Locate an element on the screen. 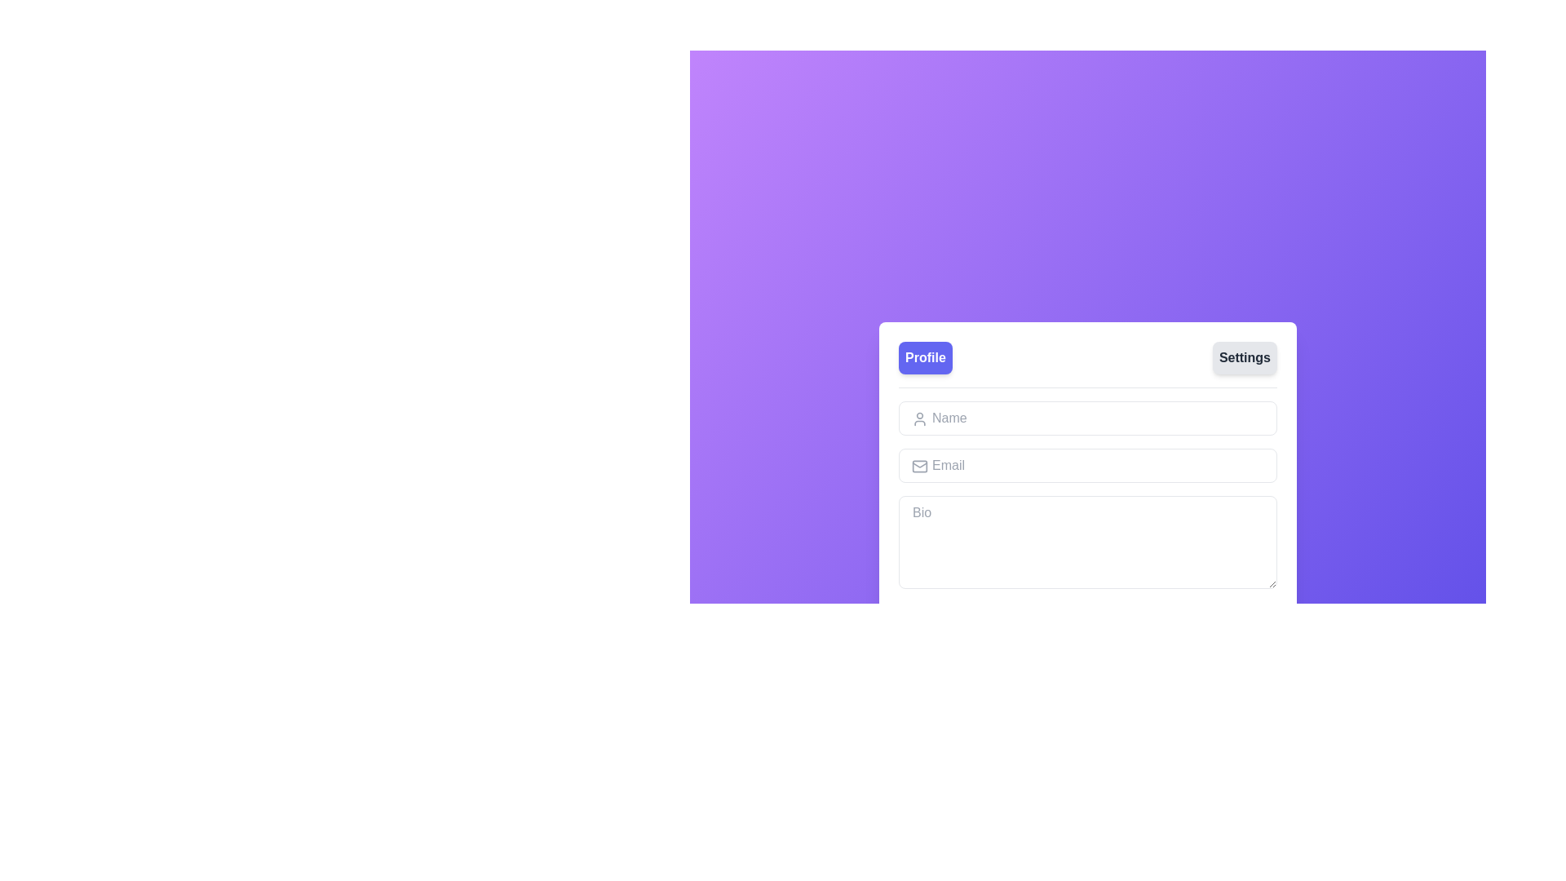  the Illustrative Icon element, which resembles a mail icon and is located to the left of the 'Email' input field is located at coordinates (920, 466).